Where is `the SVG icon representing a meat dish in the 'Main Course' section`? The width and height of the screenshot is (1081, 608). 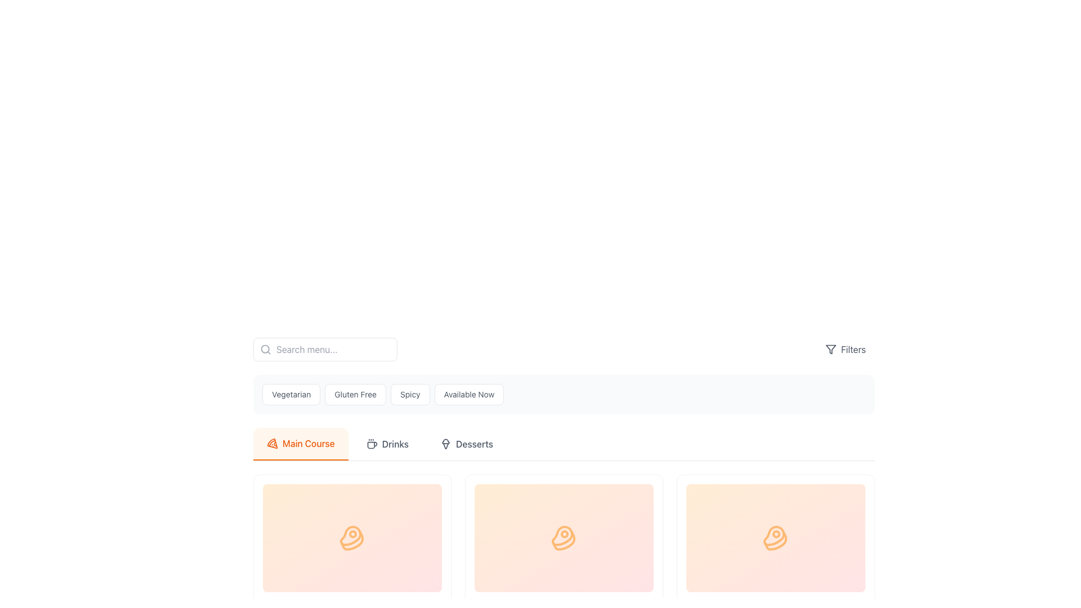 the SVG icon representing a meat dish in the 'Main Course' section is located at coordinates (351, 538).